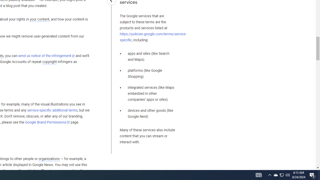 The width and height of the screenshot is (320, 180). Describe the element at coordinates (46, 56) in the screenshot. I see `'send us notice of the infringement'` at that location.